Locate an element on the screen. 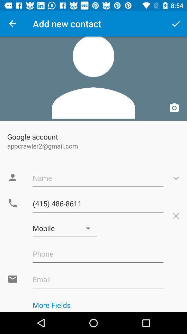 The image size is (187, 334). the contact icon beside name is located at coordinates (12, 177).